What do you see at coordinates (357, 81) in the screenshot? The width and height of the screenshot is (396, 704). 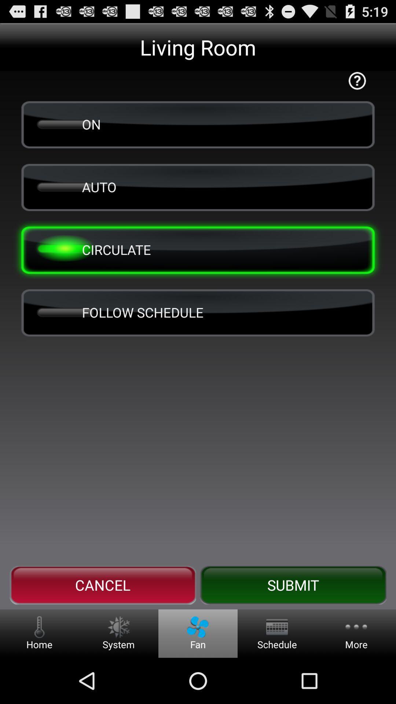 I see `the icon at the top right corner` at bounding box center [357, 81].